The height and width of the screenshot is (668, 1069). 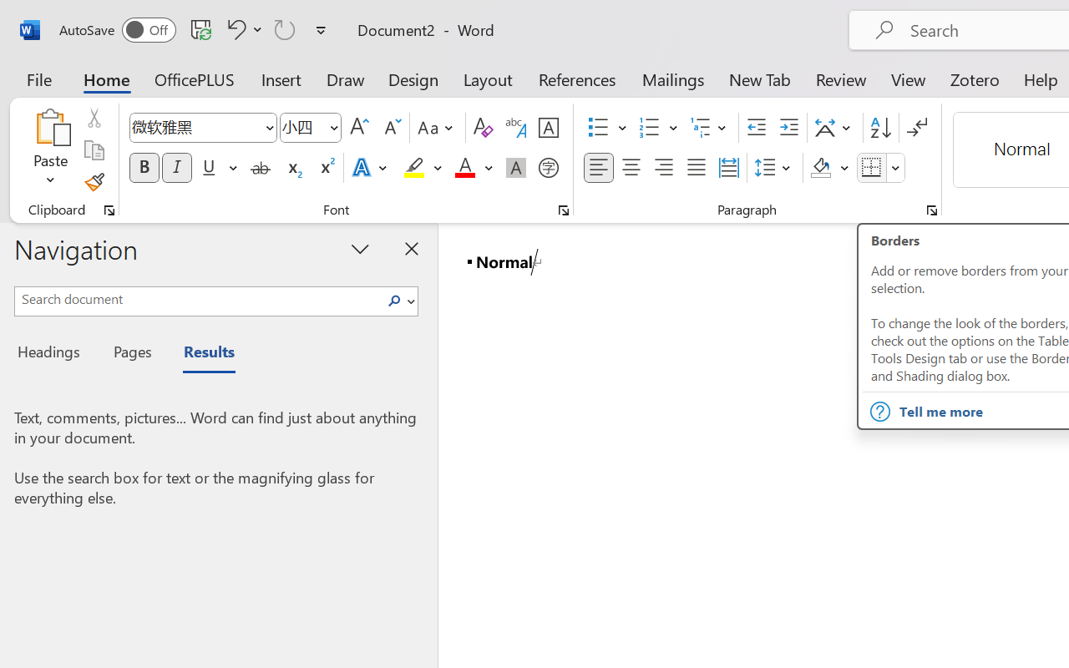 What do you see at coordinates (598, 128) in the screenshot?
I see `'Bullets'` at bounding box center [598, 128].